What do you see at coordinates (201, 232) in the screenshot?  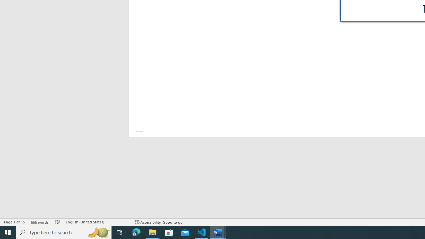 I see `'Visual Studio Code - 1 running window'` at bounding box center [201, 232].